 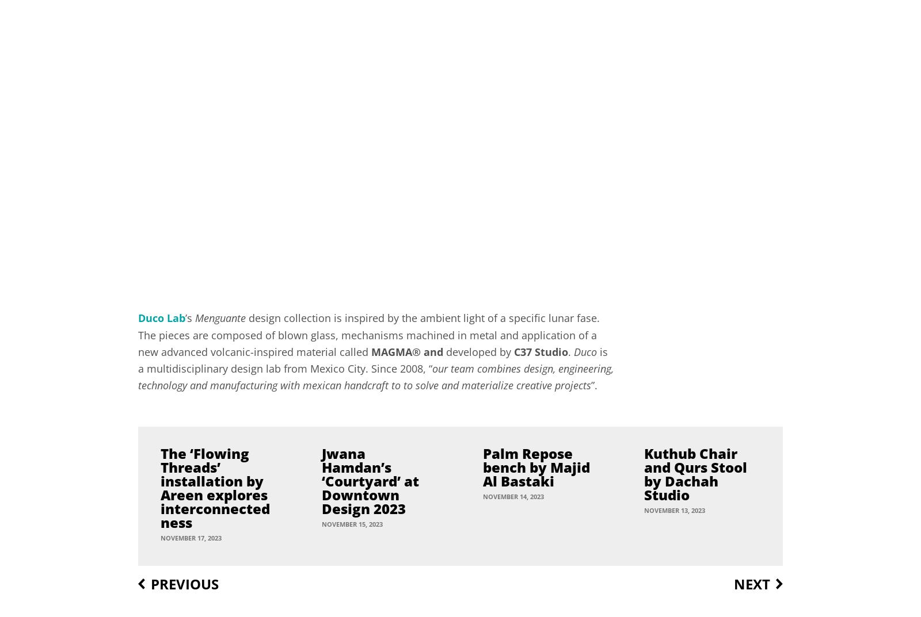 I want to click on 'November 14, 2023', so click(x=513, y=495).